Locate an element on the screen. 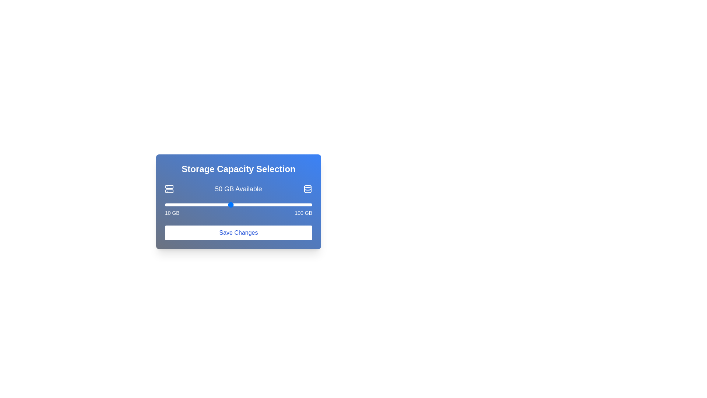 The width and height of the screenshot is (707, 398). the database icon adjacent to the storage text is located at coordinates (307, 189).